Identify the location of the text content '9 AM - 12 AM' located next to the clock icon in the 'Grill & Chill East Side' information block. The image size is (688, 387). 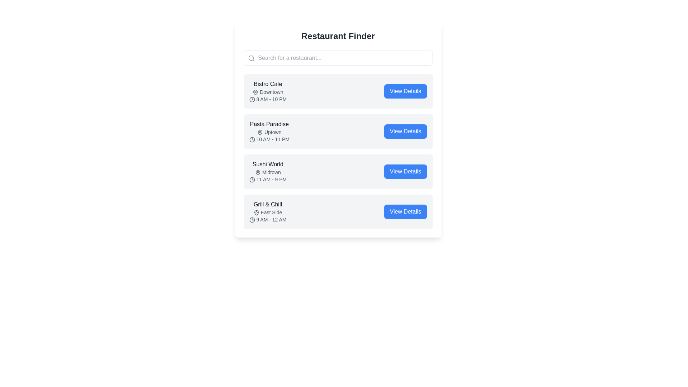
(267, 219).